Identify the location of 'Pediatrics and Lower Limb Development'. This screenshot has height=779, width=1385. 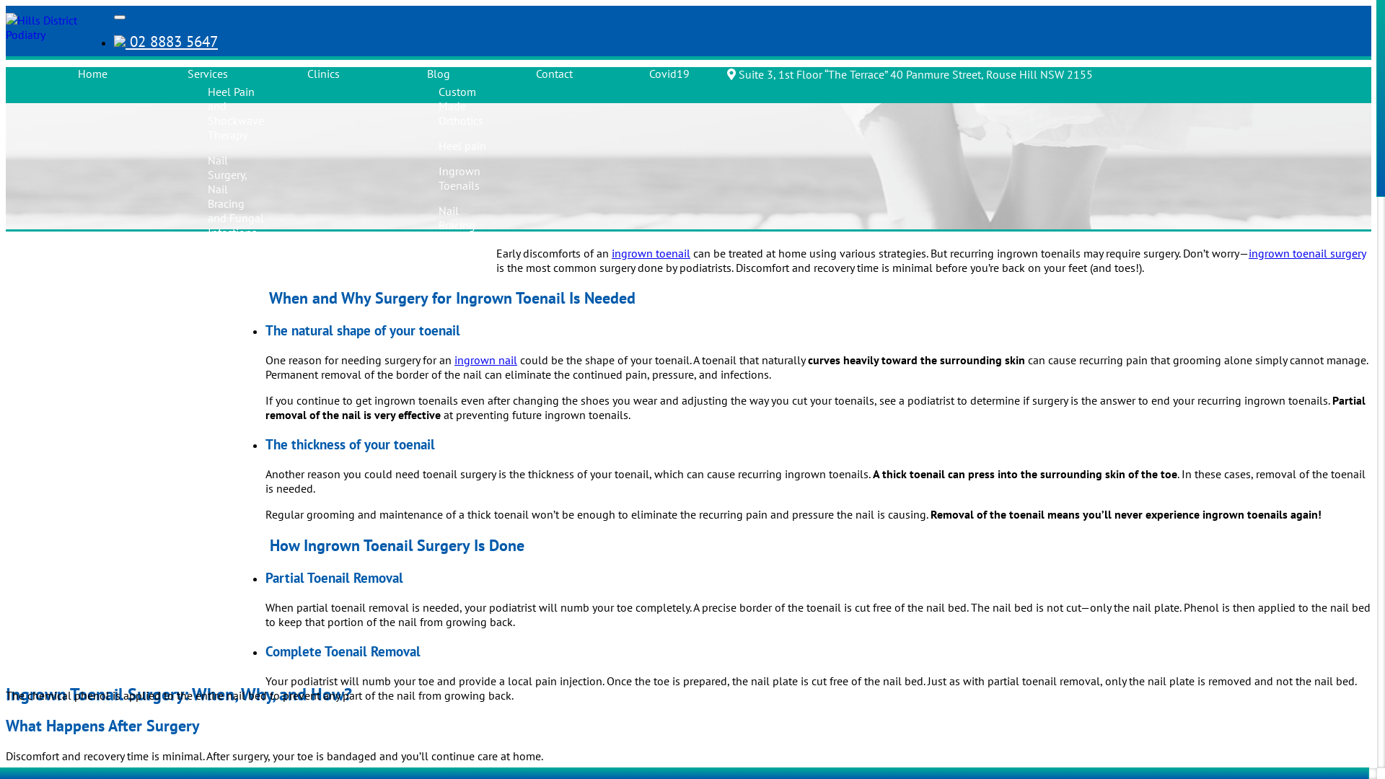
(241, 348).